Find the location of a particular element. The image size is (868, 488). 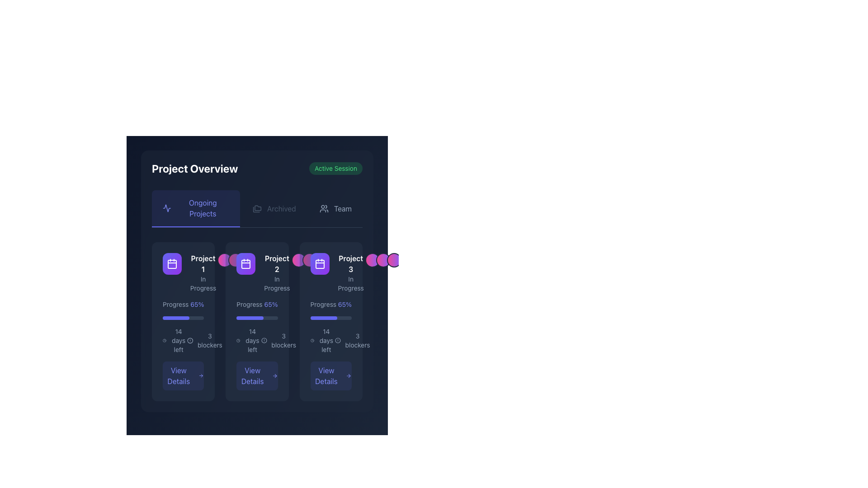

the informational text label indicating the remaining time for the task or project located within the 'Project 2' card, below the progress bar, and to the left of '3 blockers' is located at coordinates (252, 340).